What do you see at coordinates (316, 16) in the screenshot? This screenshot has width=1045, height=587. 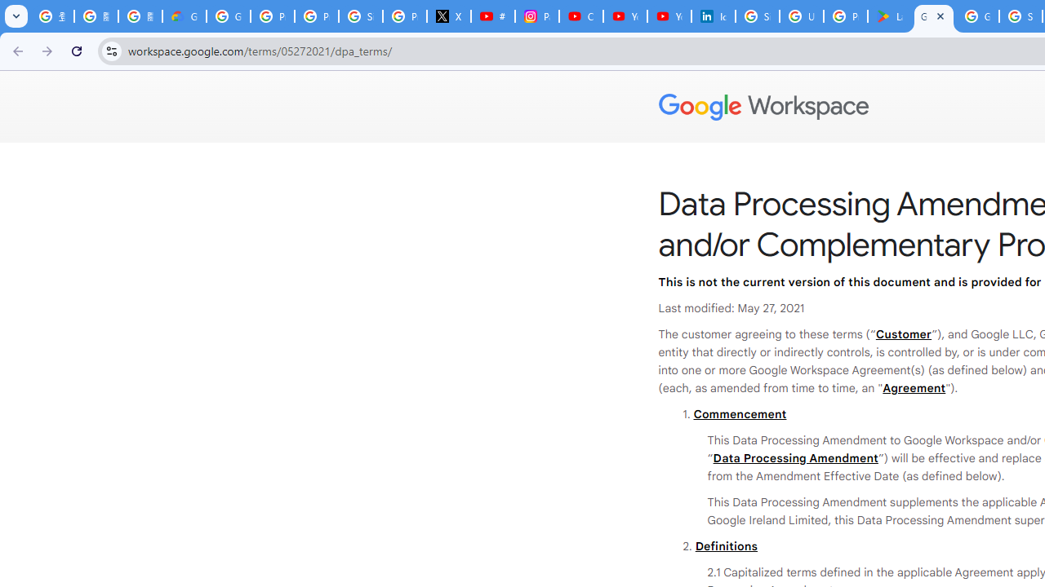 I see `'Privacy Help Center - Policies Help'` at bounding box center [316, 16].